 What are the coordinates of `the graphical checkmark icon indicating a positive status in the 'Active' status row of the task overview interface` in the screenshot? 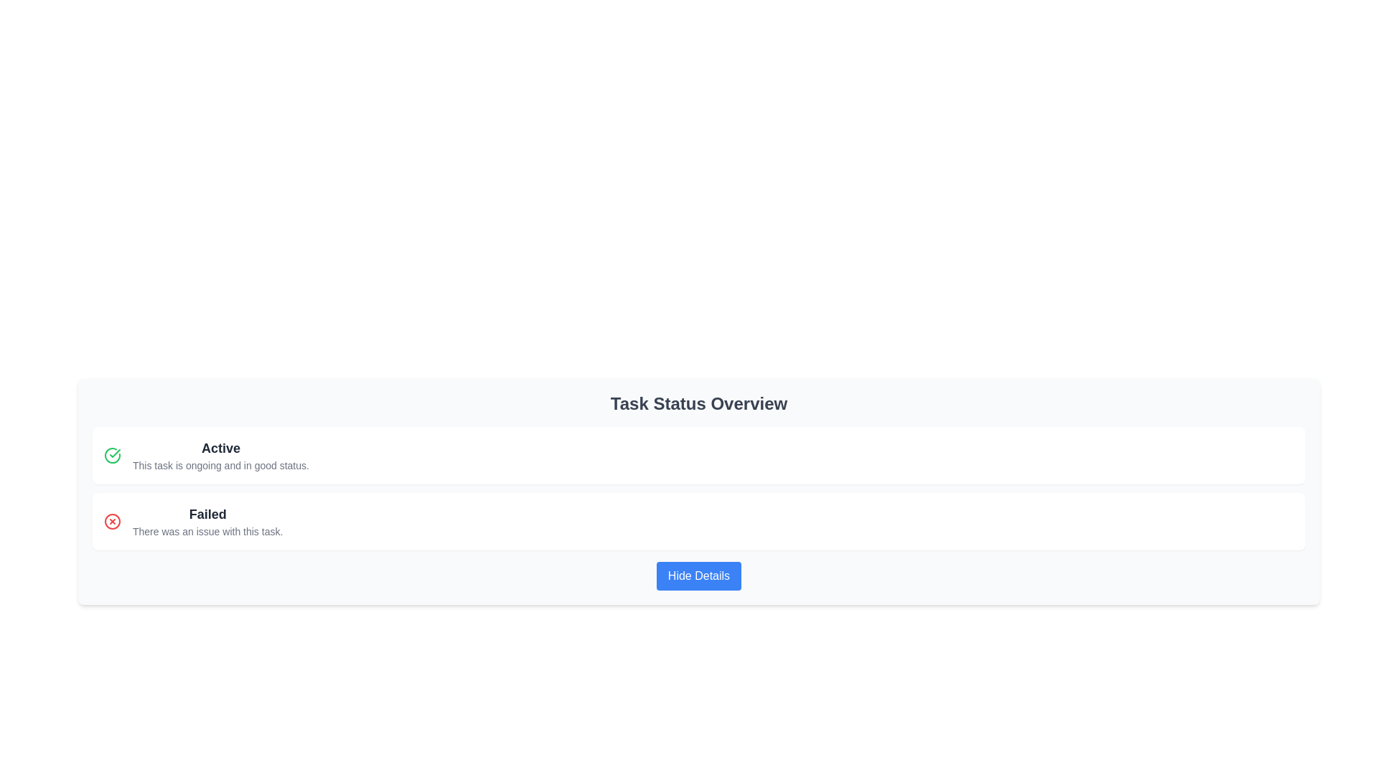 It's located at (115, 454).